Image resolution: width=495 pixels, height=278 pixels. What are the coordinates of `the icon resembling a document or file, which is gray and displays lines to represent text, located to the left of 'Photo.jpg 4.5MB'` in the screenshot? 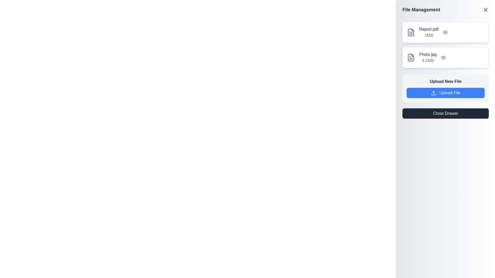 It's located at (410, 57).